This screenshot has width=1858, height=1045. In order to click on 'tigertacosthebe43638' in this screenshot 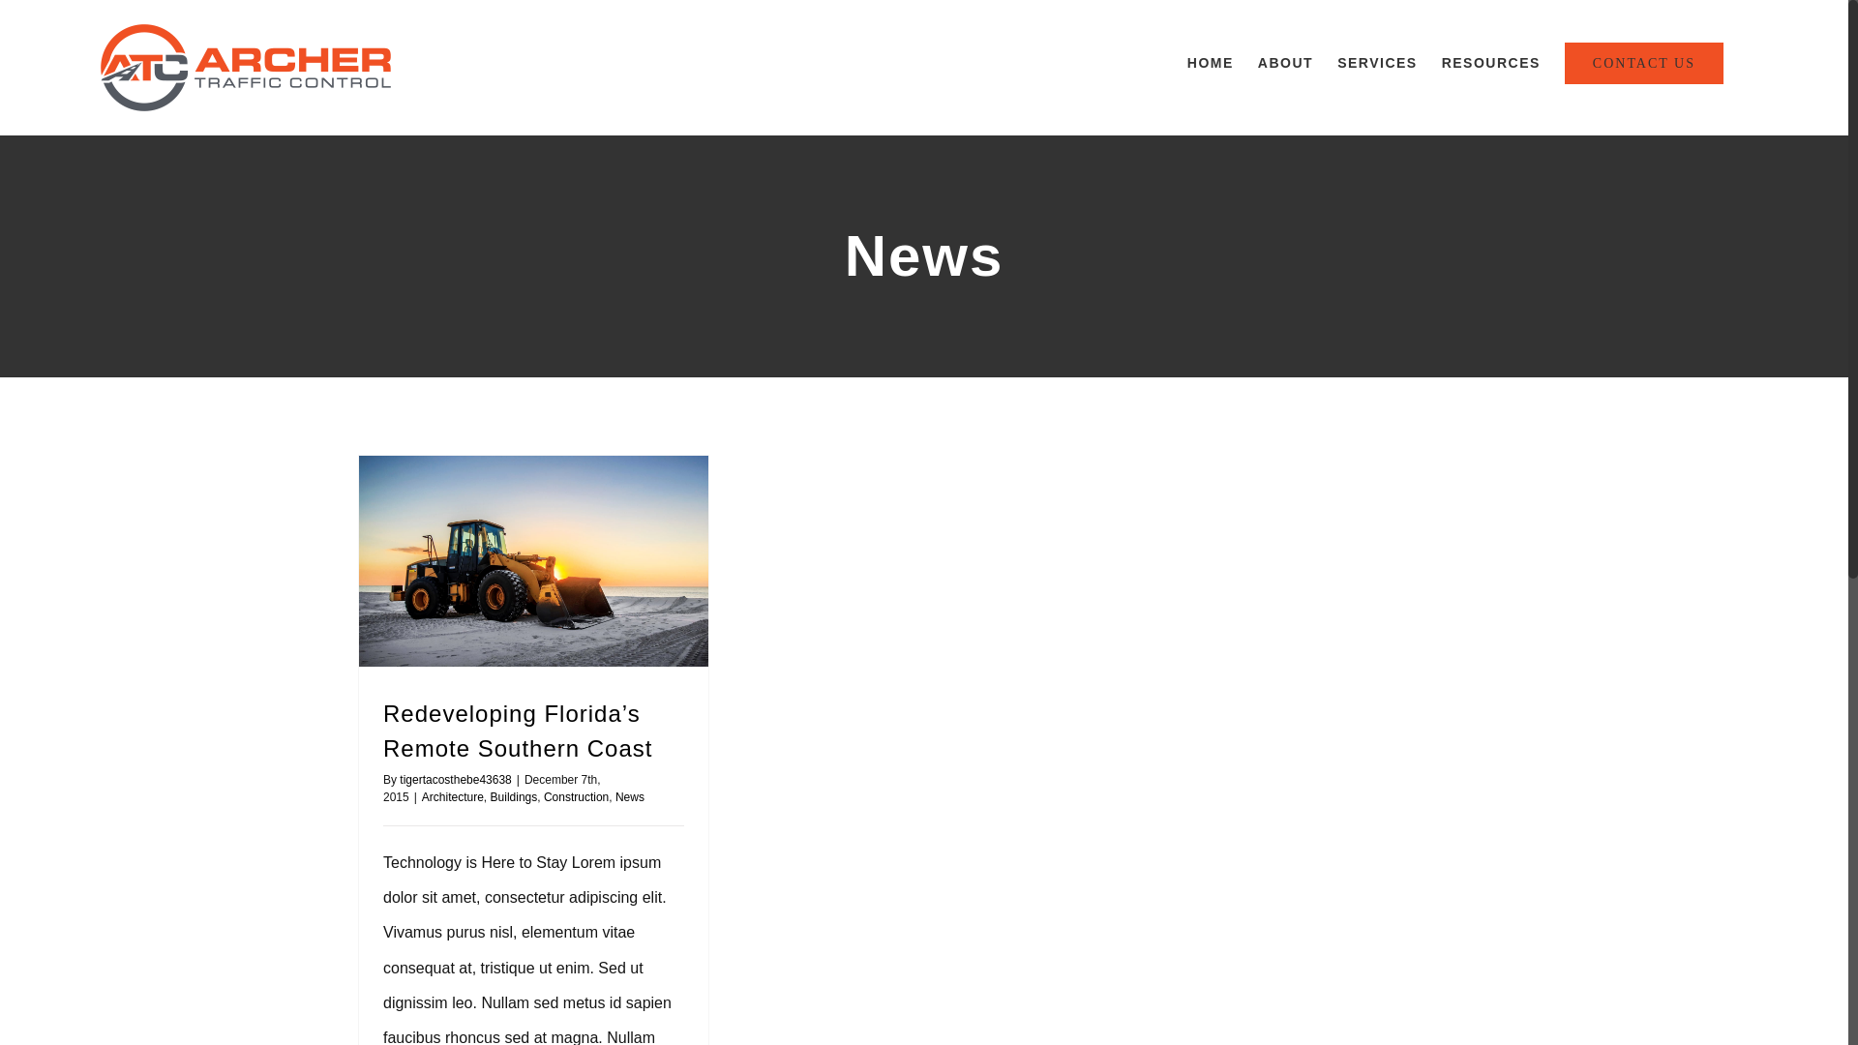, I will do `click(454, 779)`.